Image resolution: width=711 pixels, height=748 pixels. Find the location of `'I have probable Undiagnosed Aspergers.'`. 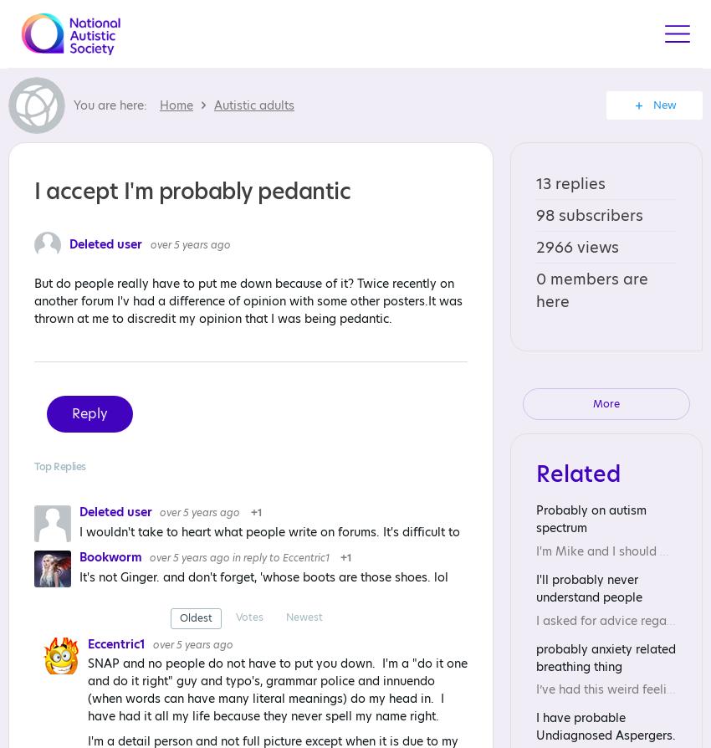

'I have probable Undiagnosed Aspergers.' is located at coordinates (606, 726).